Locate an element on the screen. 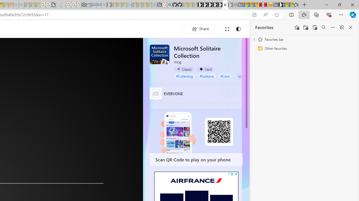  '#Collecting' is located at coordinates (185, 76).